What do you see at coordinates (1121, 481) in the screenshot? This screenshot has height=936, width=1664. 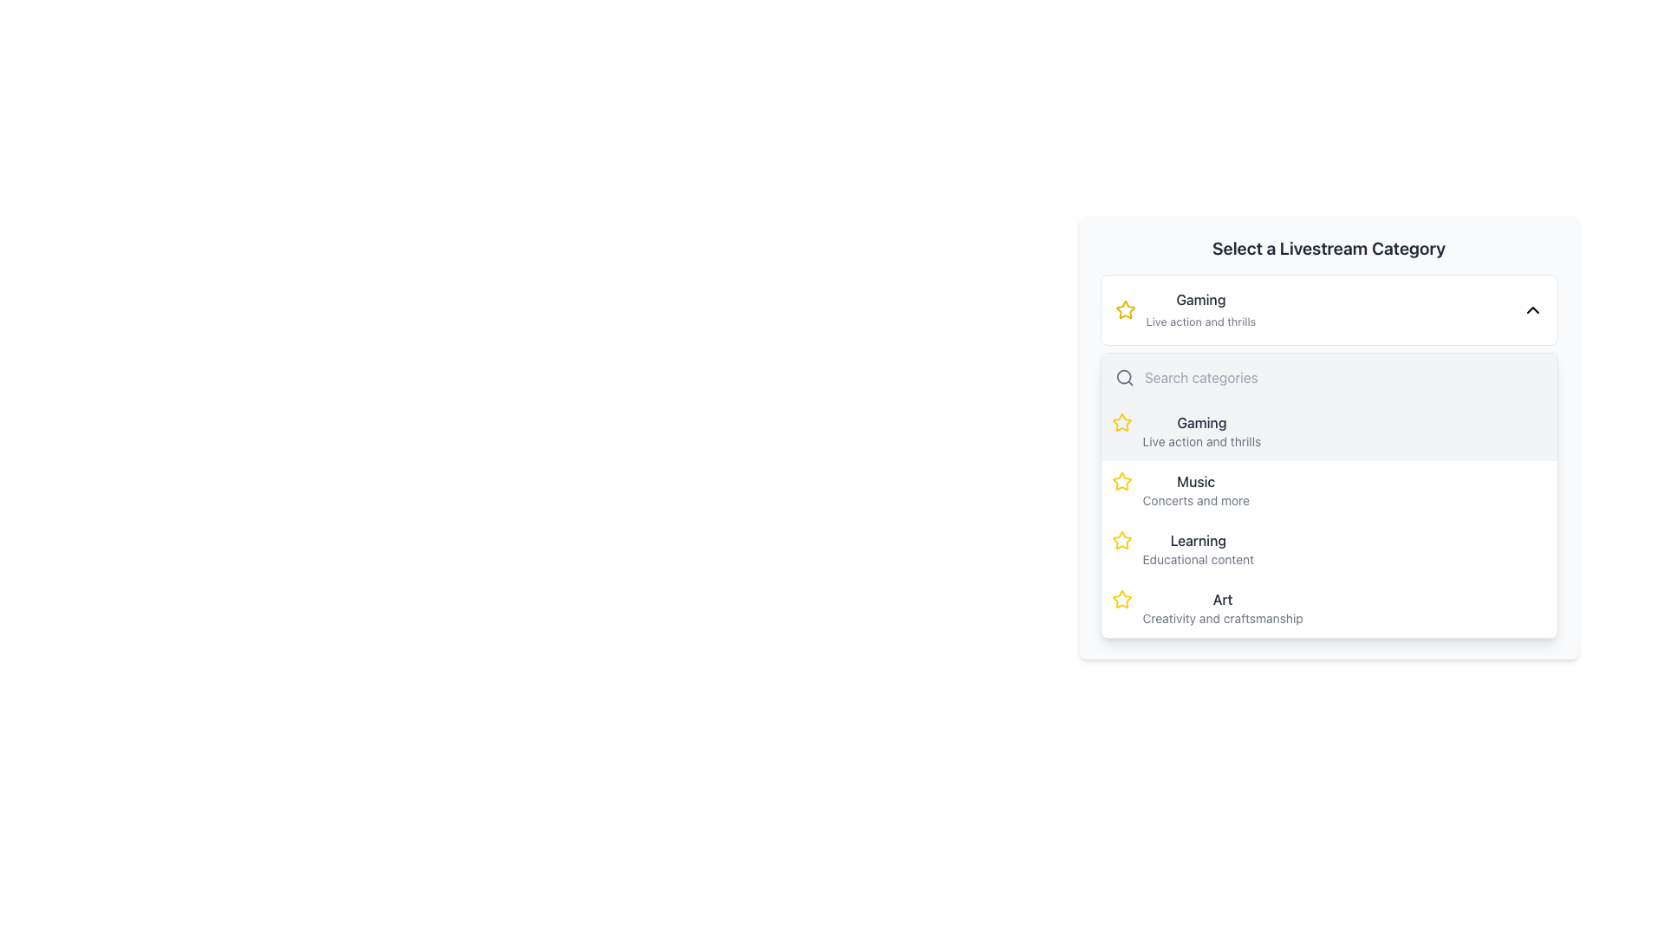 I see `the yellow star icon associated with the 'Music - Concerts and more' option in the list` at bounding box center [1121, 481].